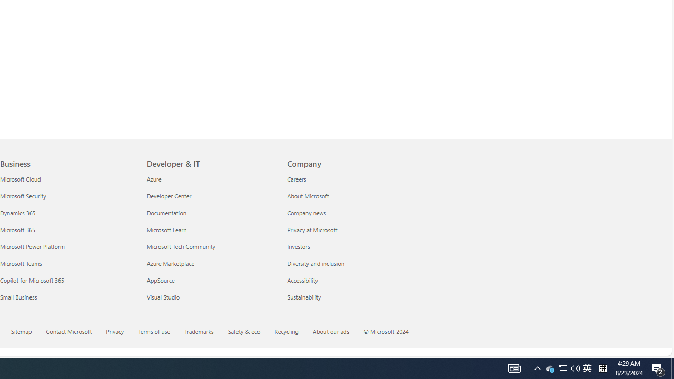 This screenshot has width=674, height=379. I want to click on 'About Microsoft Company', so click(307, 196).